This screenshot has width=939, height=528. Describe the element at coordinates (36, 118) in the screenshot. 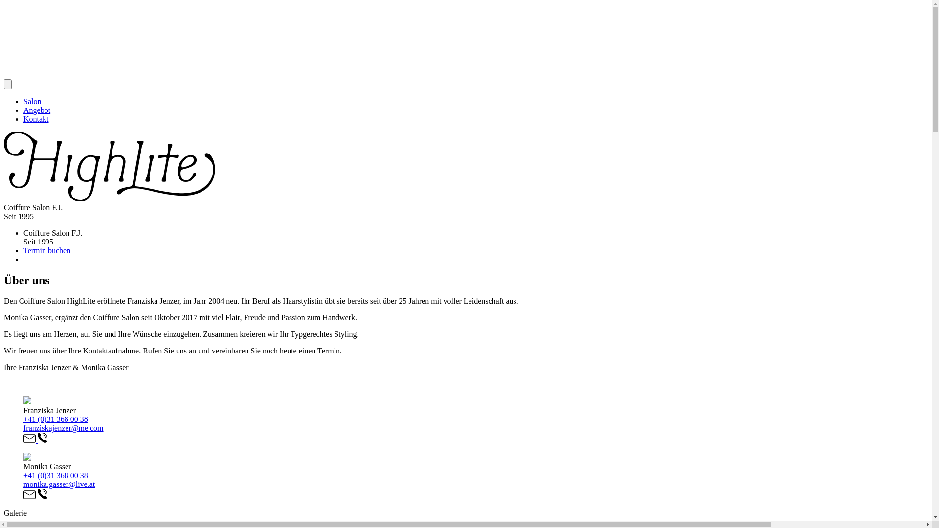

I see `'Kontakt'` at that location.